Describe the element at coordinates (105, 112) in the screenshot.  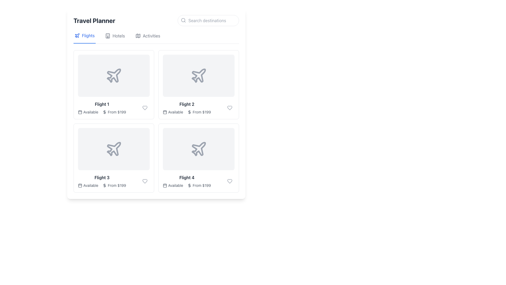
I see `the monetary pricing icon located to the left of the 'From $199' text in the pricing information section of the Flight 1 card` at that location.